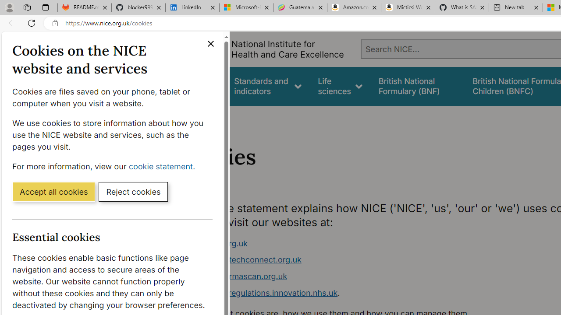 The height and width of the screenshot is (315, 561). I want to click on 'Refresh', so click(32, 22).